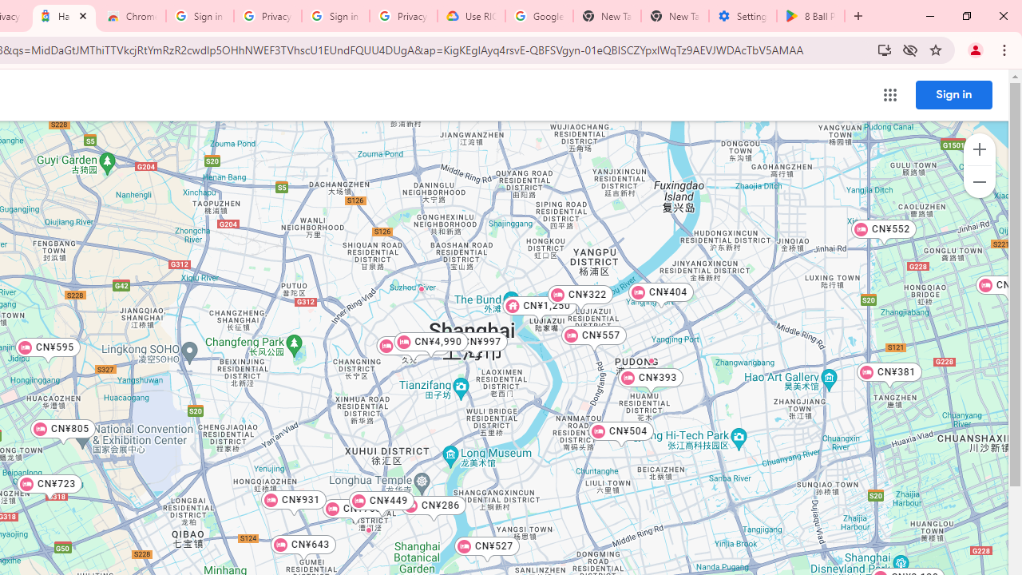 Image resolution: width=1022 pixels, height=575 pixels. What do you see at coordinates (742, 16) in the screenshot?
I see `'Settings - System'` at bounding box center [742, 16].